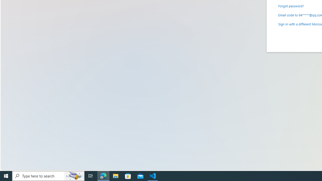 The height and width of the screenshot is (181, 322). I want to click on 'Forgot password?', so click(291, 6).